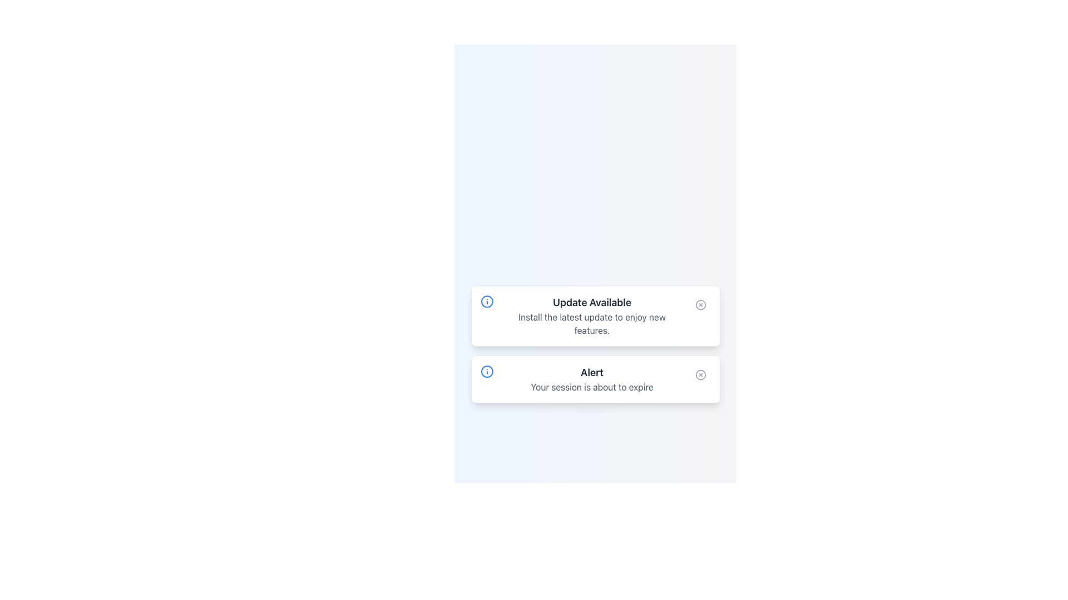  Describe the element at coordinates (487, 302) in the screenshot. I see `the notification icon located at the far left of the card containing the 'Update Available' header text, which is vertically aligned with the text and precedes the headline text horizontally` at that location.